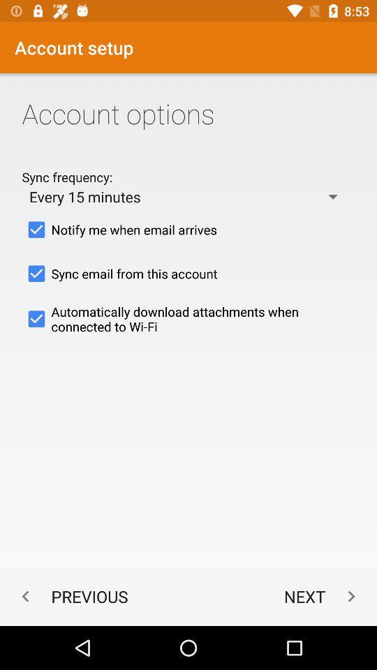 The height and width of the screenshot is (670, 377). I want to click on notify me when, so click(188, 230).